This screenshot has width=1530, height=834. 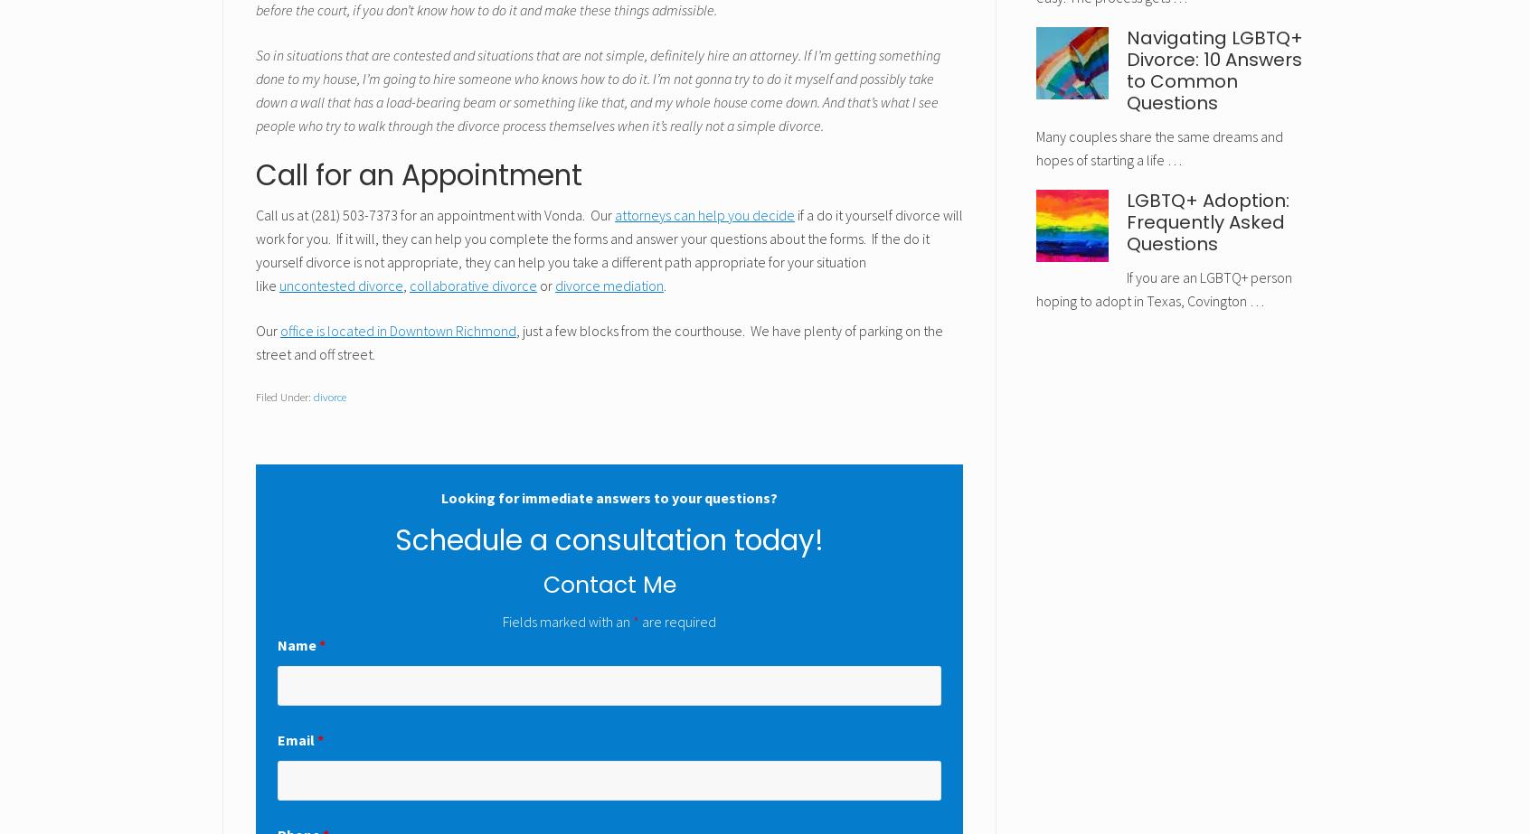 I want to click on 'So in situations that are contested and situations that are not simple, definitely hire an attorney. If I’m getting something done to my house, I’m going to hire someone who knows how to do it. I’m not gonna try to do it myself and possibly take down a wall that has a load-bearing beam or something like that, and my whole house come down. And that’s what I see people who try to walk through the divorce process themselves when it’s really not a simple divorce.', so click(x=598, y=89).